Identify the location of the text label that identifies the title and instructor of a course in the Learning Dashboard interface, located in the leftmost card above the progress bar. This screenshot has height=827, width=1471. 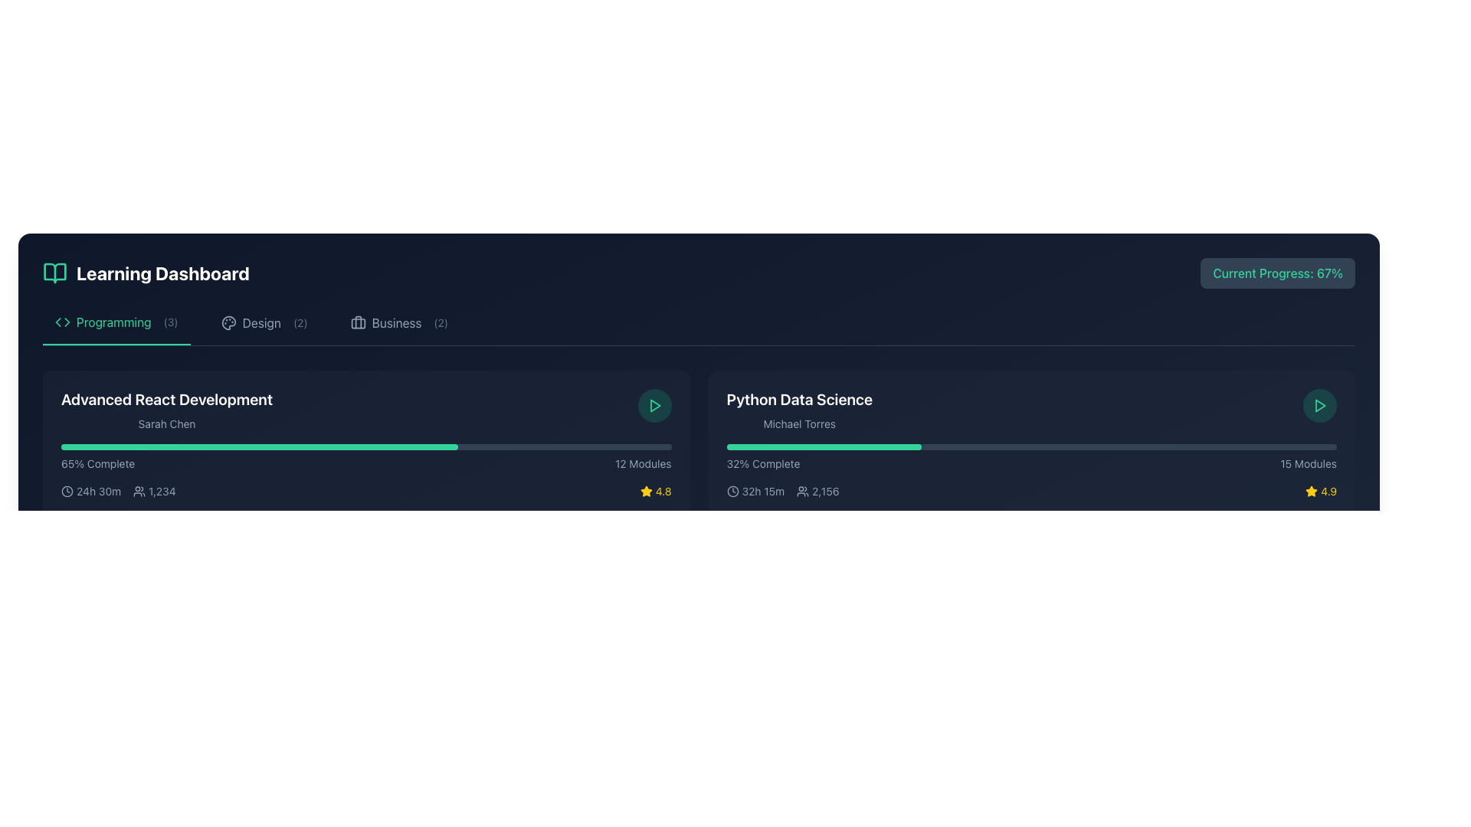
(167, 410).